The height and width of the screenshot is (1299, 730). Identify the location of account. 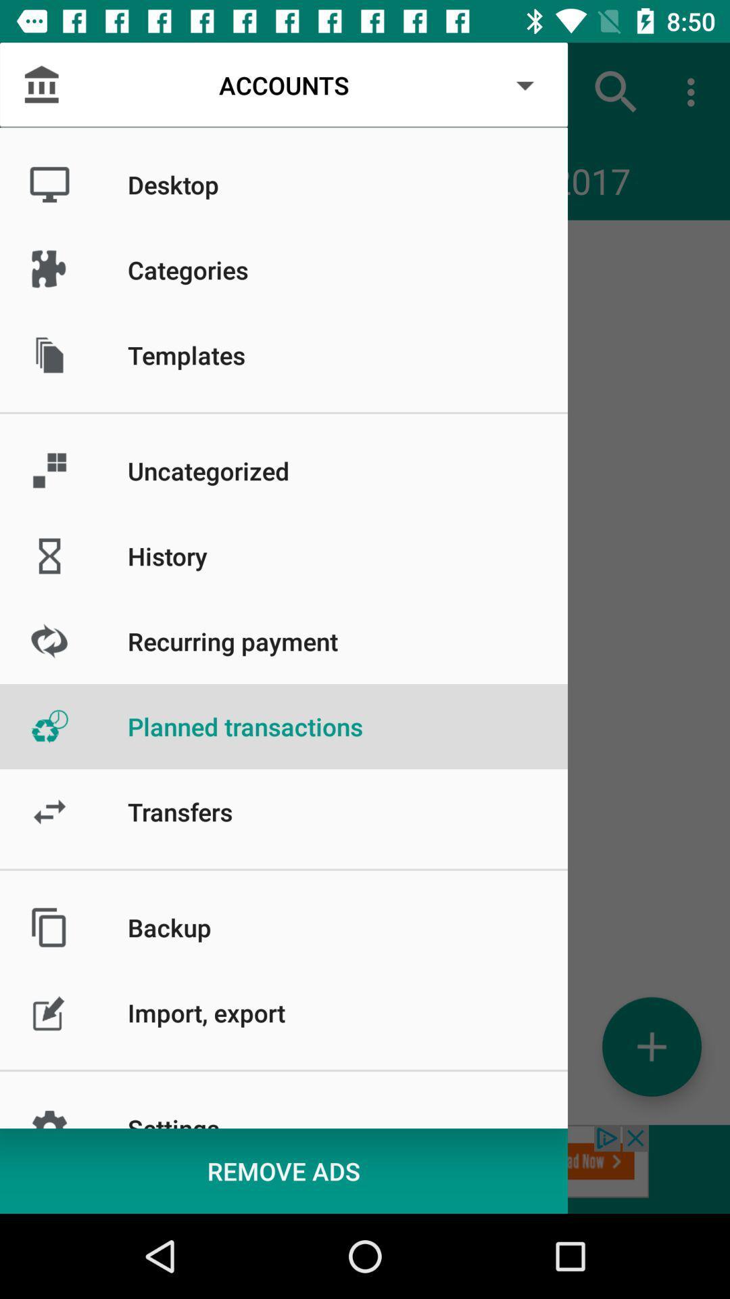
(651, 1046).